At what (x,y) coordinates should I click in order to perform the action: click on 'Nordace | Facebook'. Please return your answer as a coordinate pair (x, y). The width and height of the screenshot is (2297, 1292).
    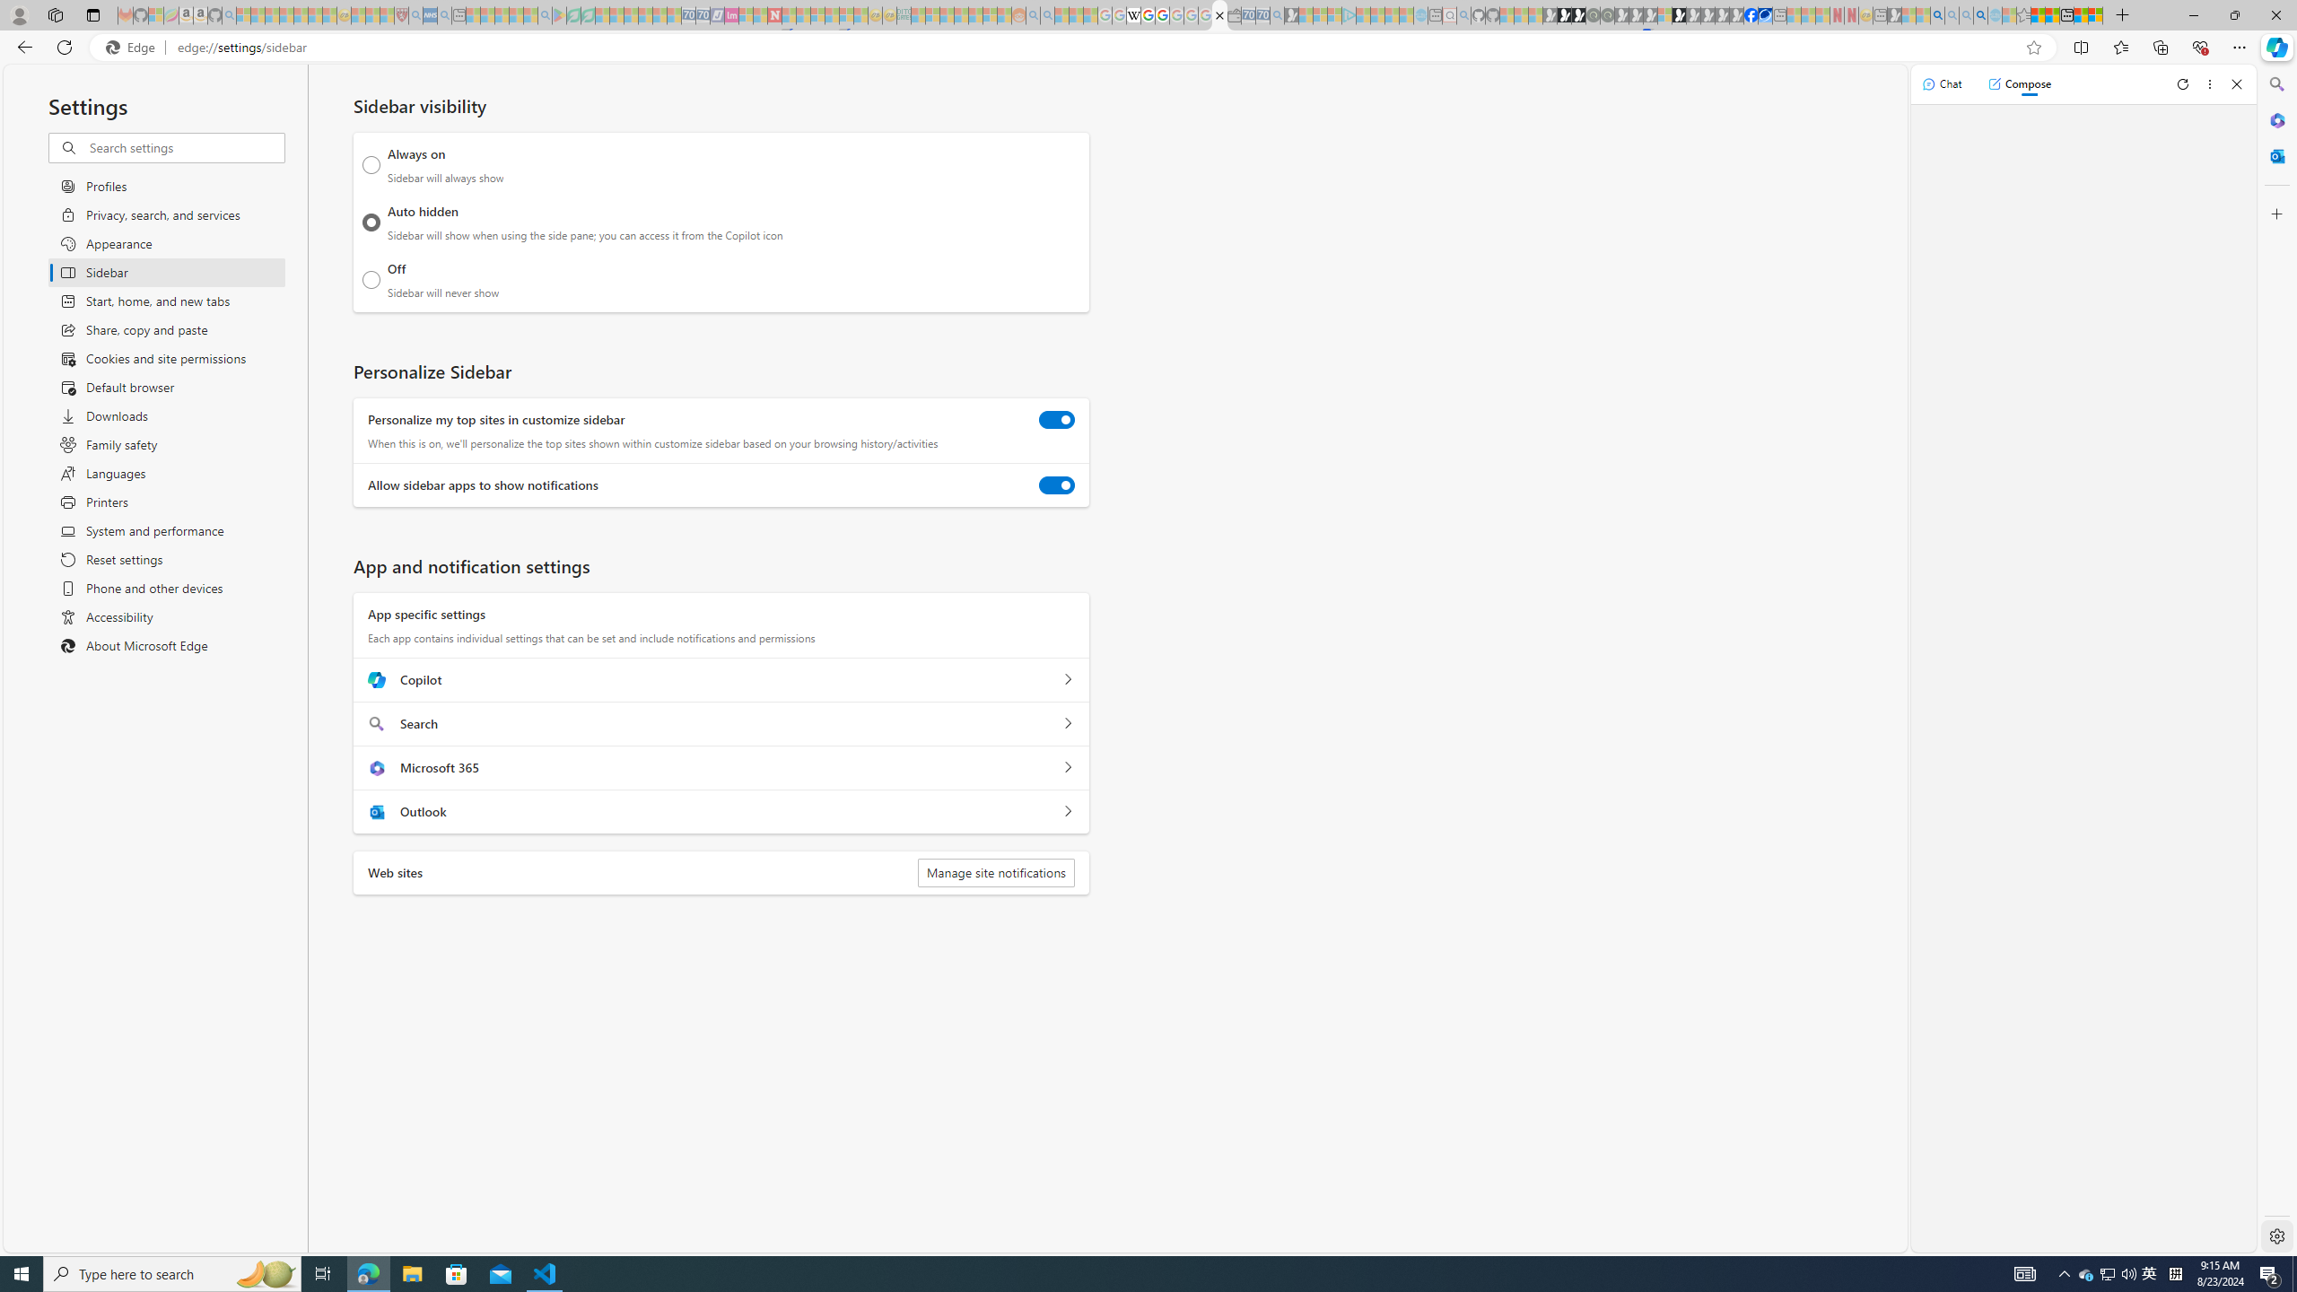
    Looking at the image, I should click on (1751, 14).